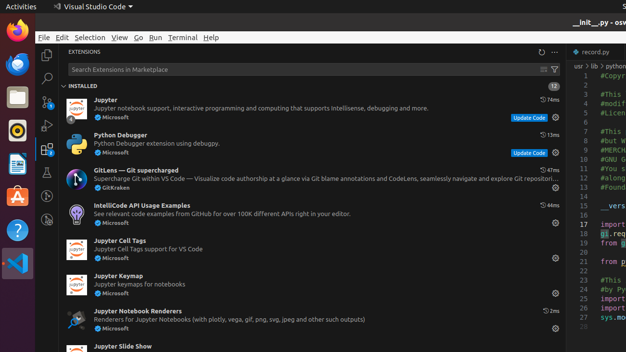  What do you see at coordinates (17, 30) in the screenshot?
I see `'Firefox Web Browser'` at bounding box center [17, 30].